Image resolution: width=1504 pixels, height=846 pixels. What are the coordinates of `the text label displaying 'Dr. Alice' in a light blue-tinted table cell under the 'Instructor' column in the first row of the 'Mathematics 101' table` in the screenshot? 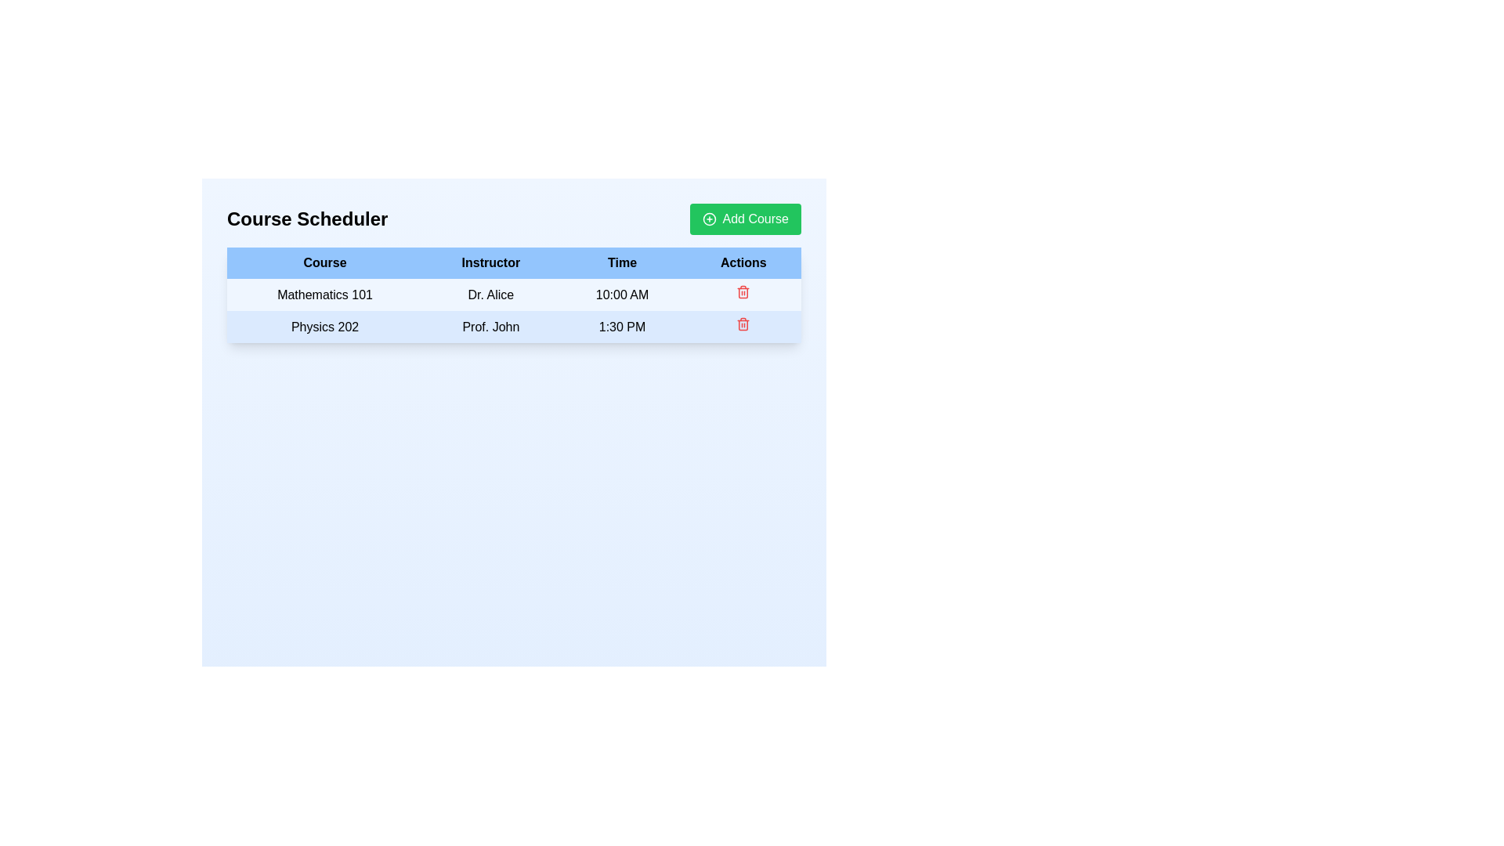 It's located at (490, 295).